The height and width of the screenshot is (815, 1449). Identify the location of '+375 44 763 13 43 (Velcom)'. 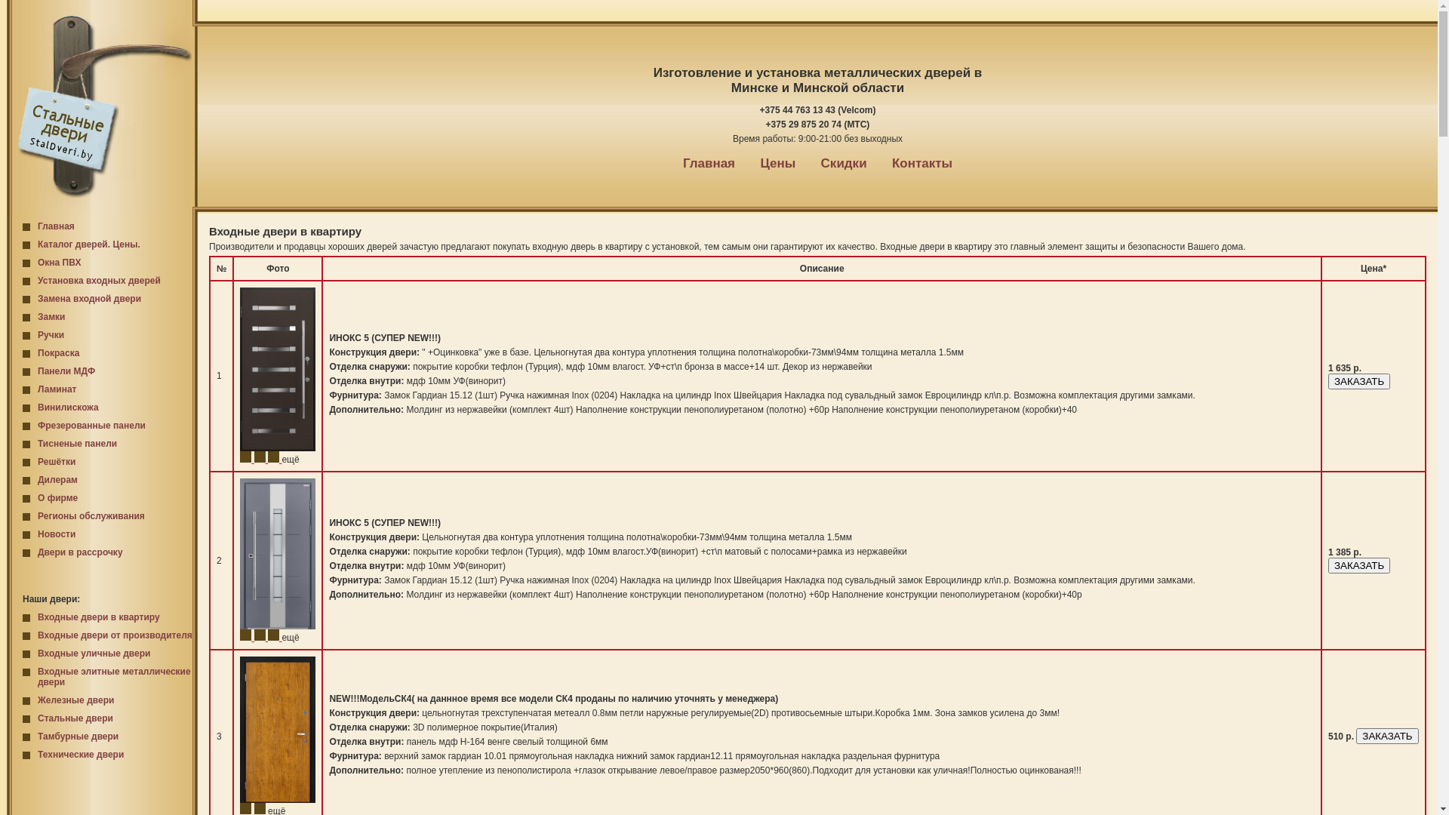
(760, 109).